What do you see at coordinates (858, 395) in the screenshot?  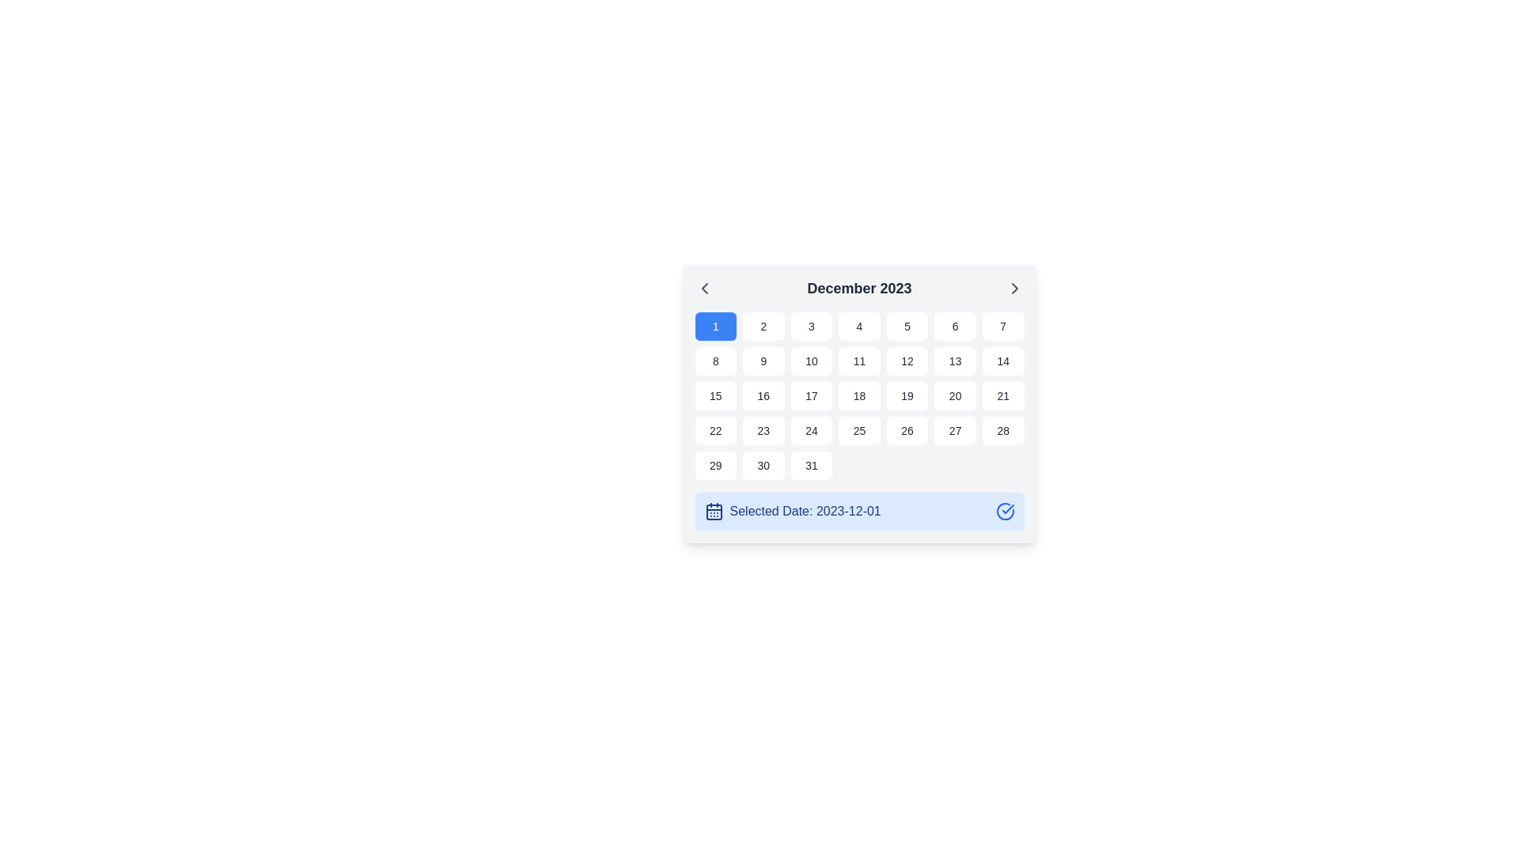 I see `the button displaying the number '18' located in the fourth row and fourth column of the calendar grid` at bounding box center [858, 395].